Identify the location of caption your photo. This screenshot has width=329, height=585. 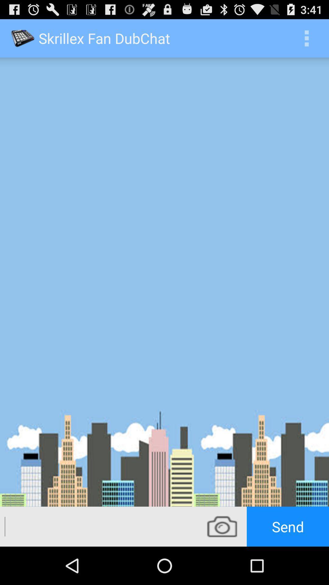
(98, 526).